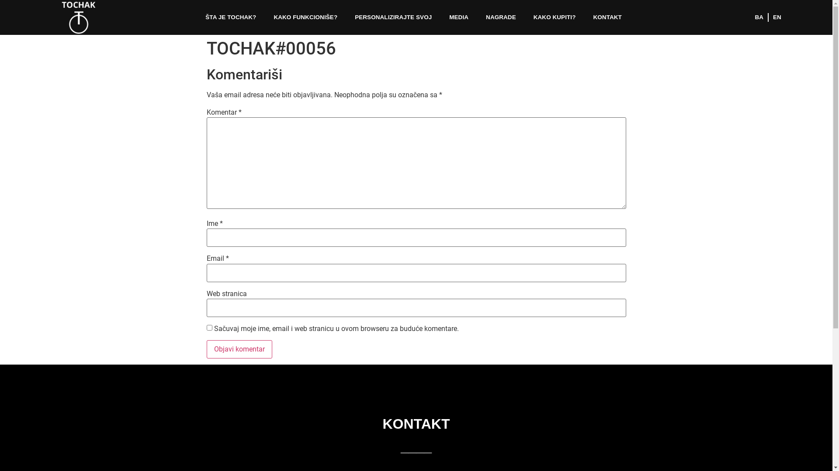 This screenshot has height=471, width=839. Describe the element at coordinates (458, 17) in the screenshot. I see `'MEDIA'` at that location.